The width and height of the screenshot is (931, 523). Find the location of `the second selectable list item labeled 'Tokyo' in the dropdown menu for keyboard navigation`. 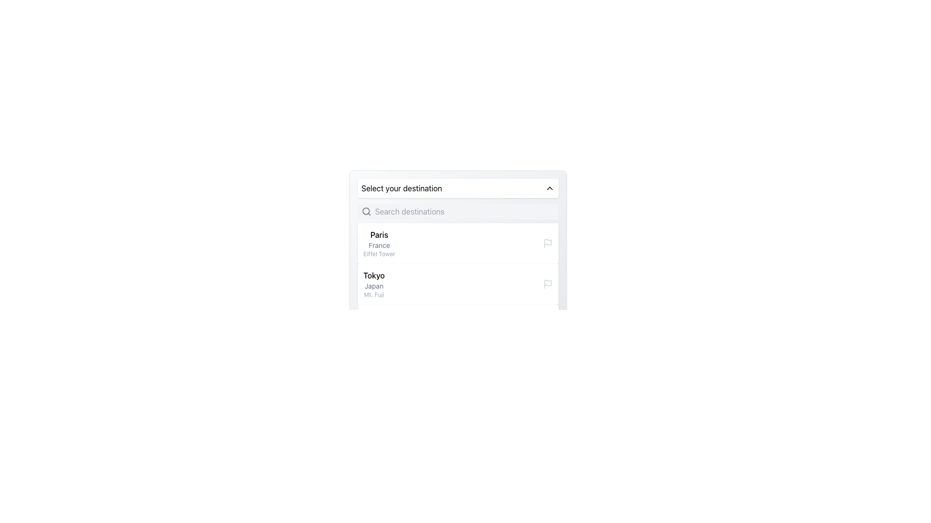

the second selectable list item labeled 'Tokyo' in the dropdown menu for keyboard navigation is located at coordinates (457, 283).